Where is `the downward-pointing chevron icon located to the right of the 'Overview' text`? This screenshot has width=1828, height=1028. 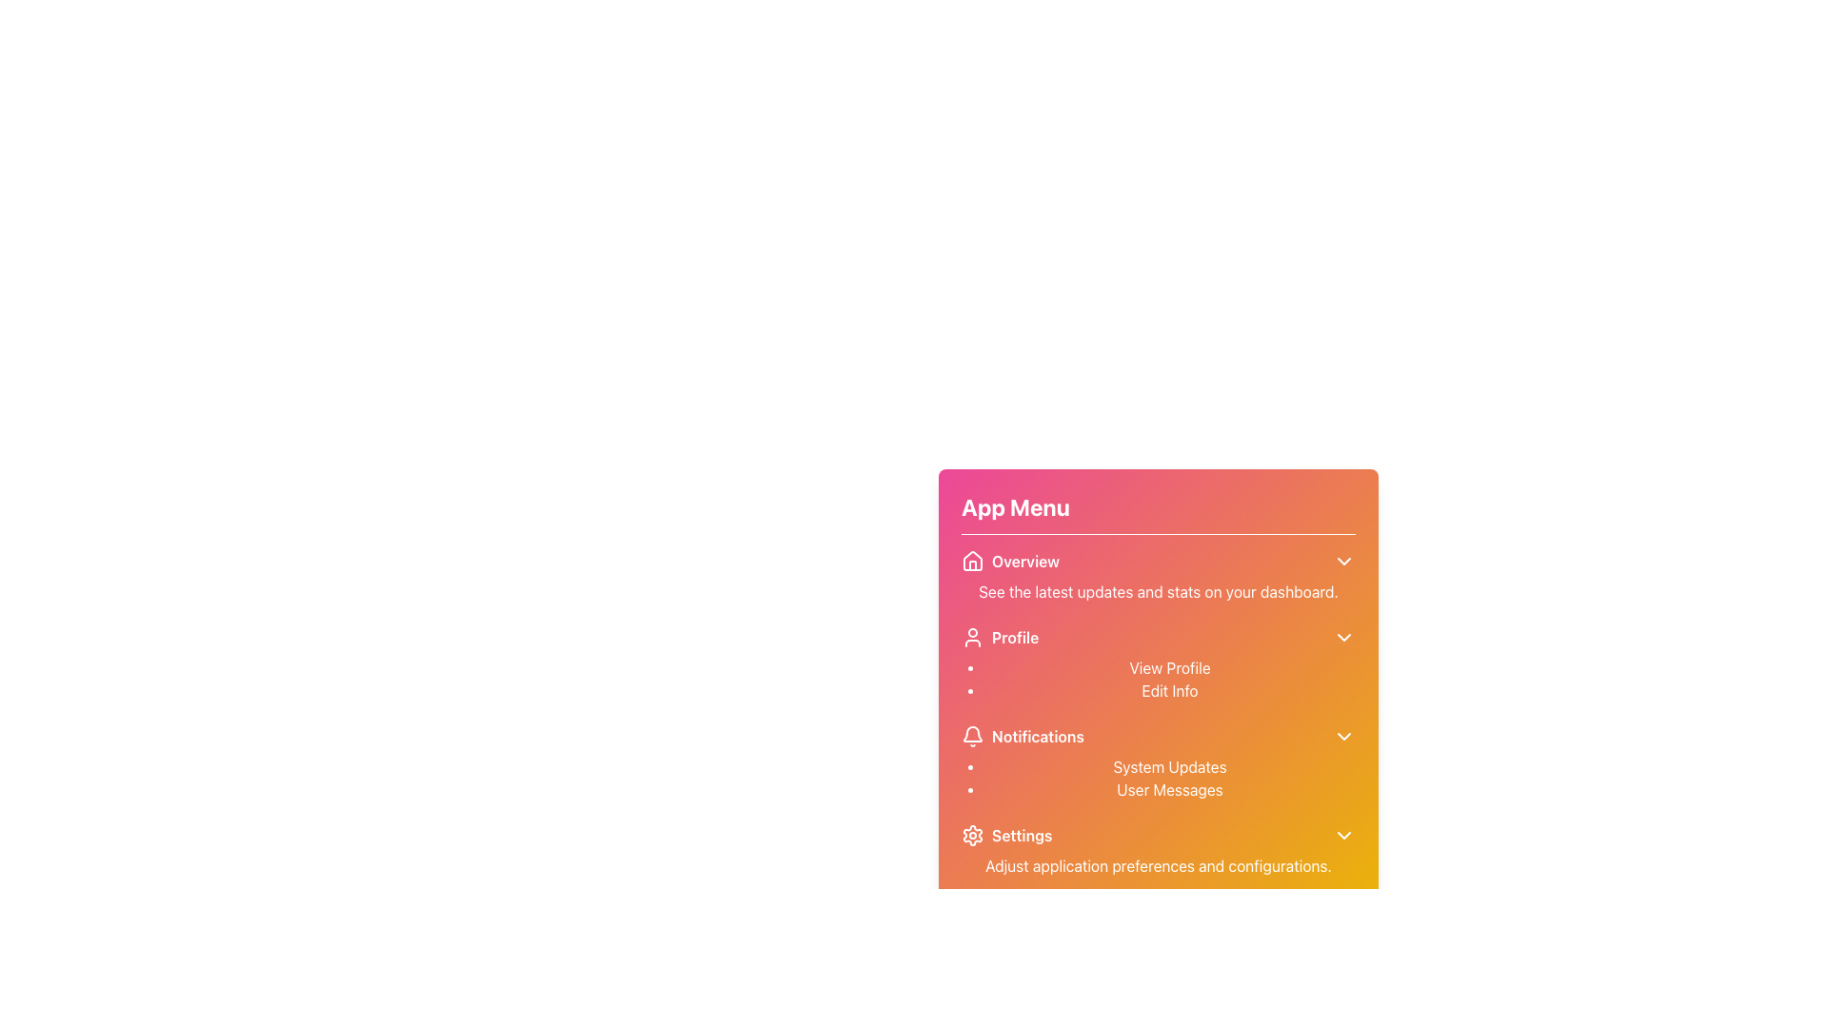
the downward-pointing chevron icon located to the right of the 'Overview' text is located at coordinates (1342, 561).